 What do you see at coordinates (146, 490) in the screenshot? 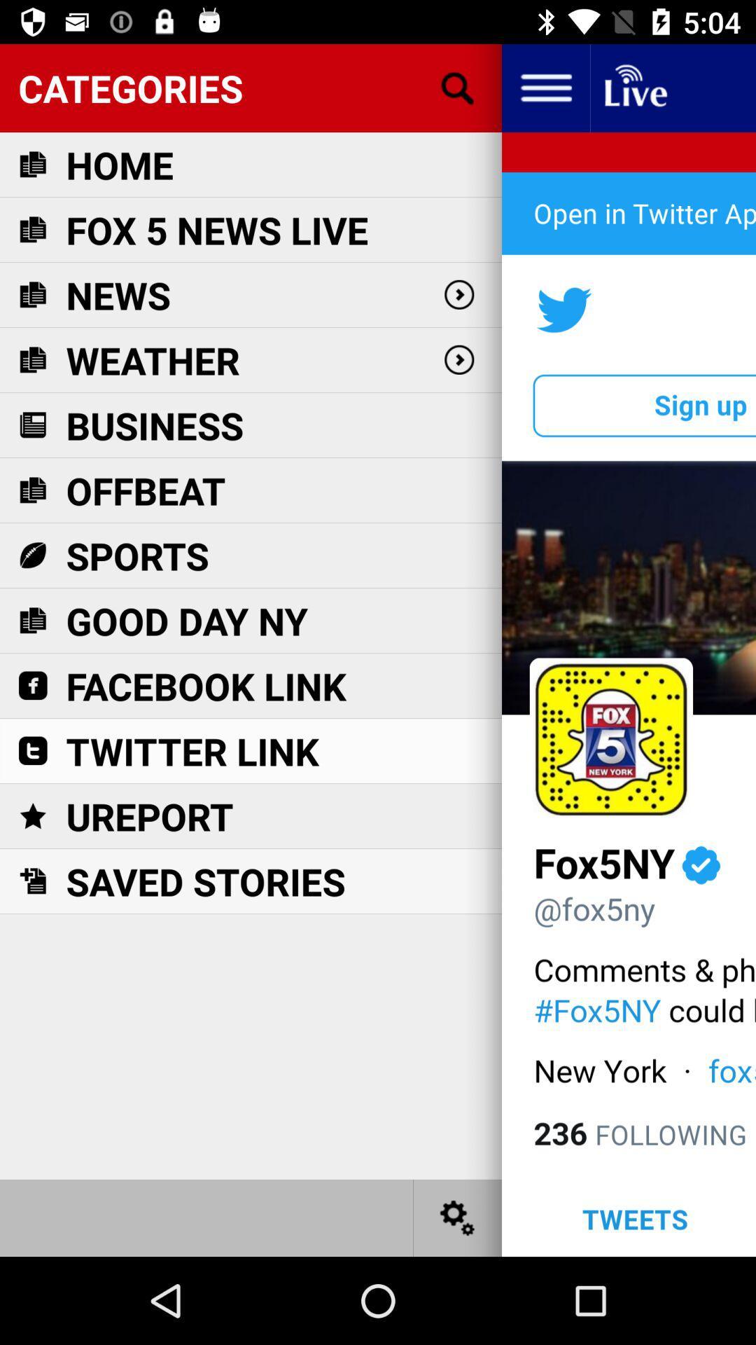
I see `the item above the sports` at bounding box center [146, 490].